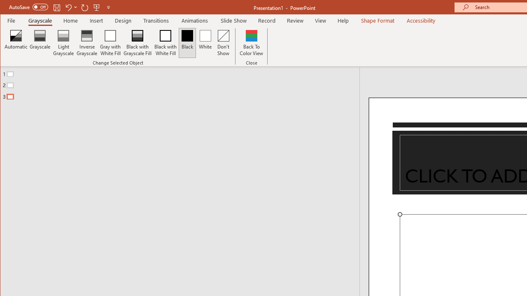 This screenshot has height=296, width=527. Describe the element at coordinates (224, 43) in the screenshot. I see `'Don'` at that location.